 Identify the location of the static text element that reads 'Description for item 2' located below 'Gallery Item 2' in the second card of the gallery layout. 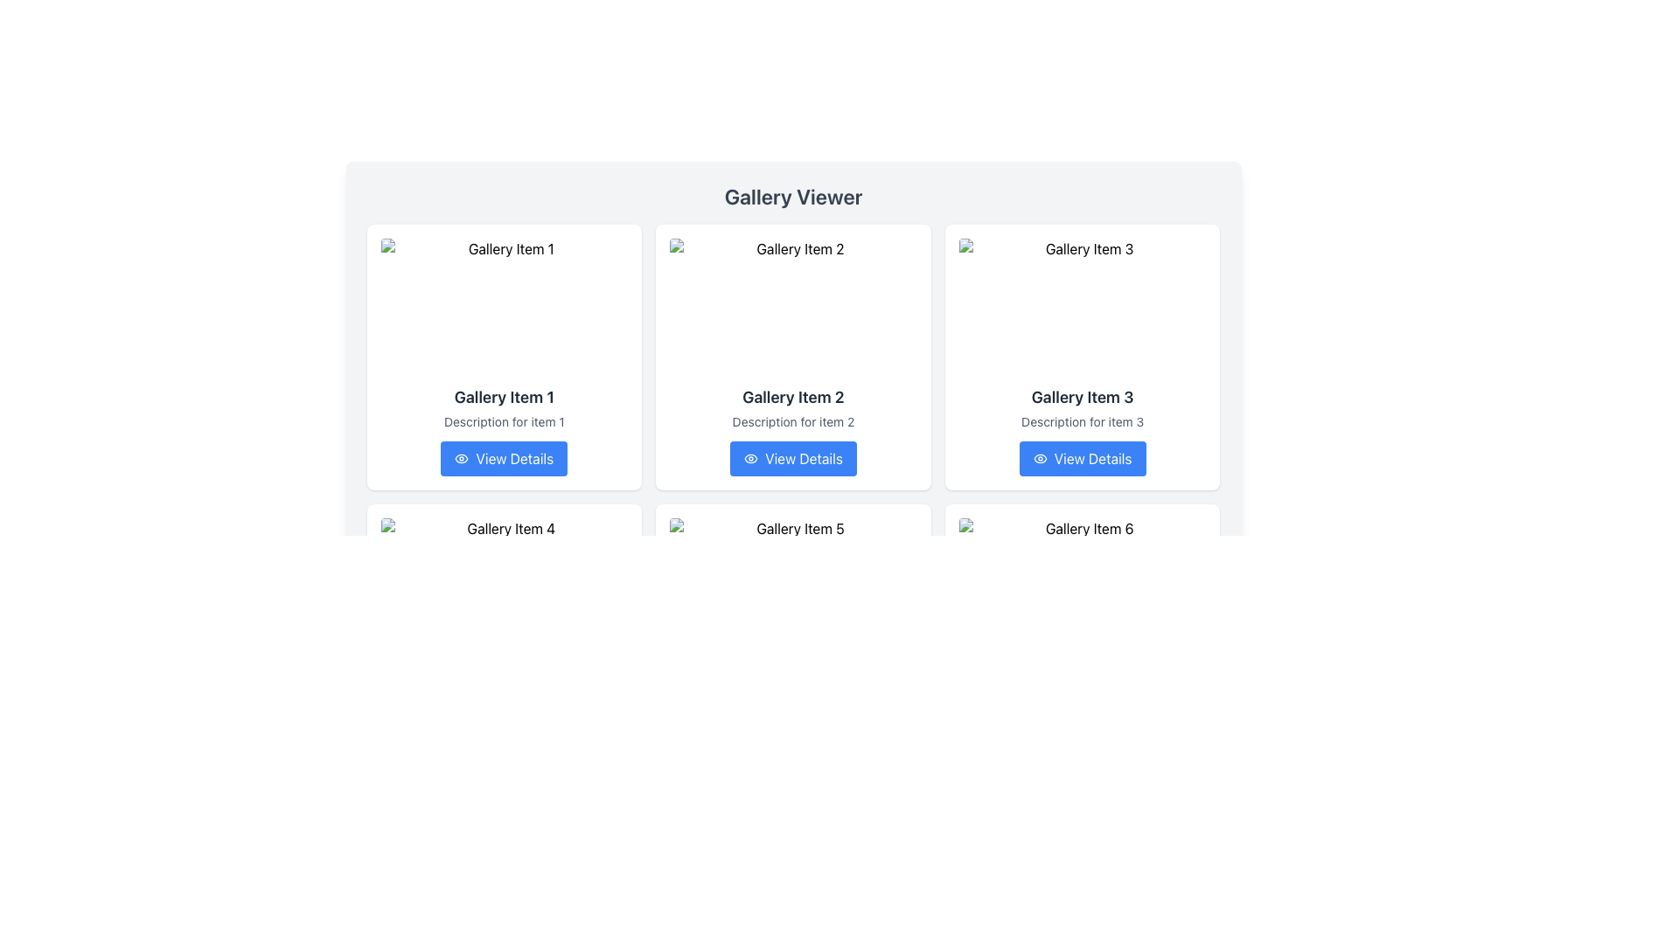
(792, 421).